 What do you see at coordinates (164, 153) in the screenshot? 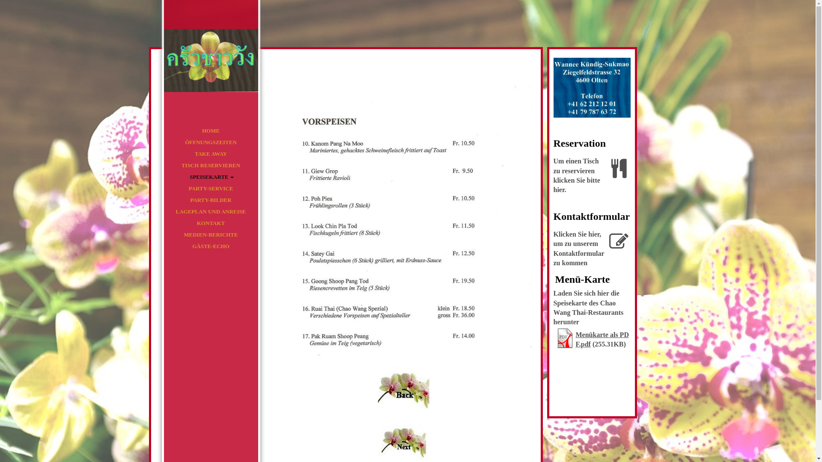
I see `'TAKE AWAY'` at bounding box center [164, 153].